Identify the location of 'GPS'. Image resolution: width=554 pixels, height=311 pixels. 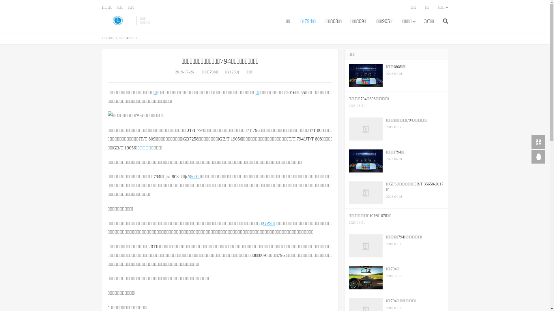
(263, 223).